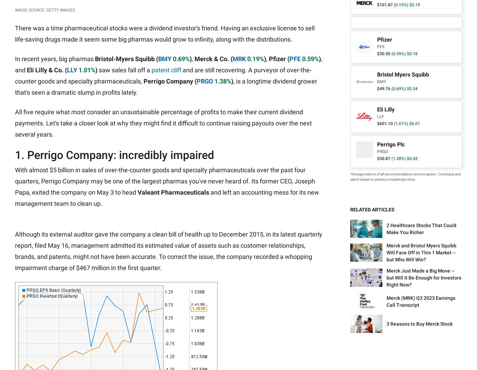  What do you see at coordinates (86, 322) in the screenshot?
I see `'Invest better with The Motley Fool. Get stock recommendations, portfolio guidance, and more from The Motley Fool's premium services.'` at bounding box center [86, 322].